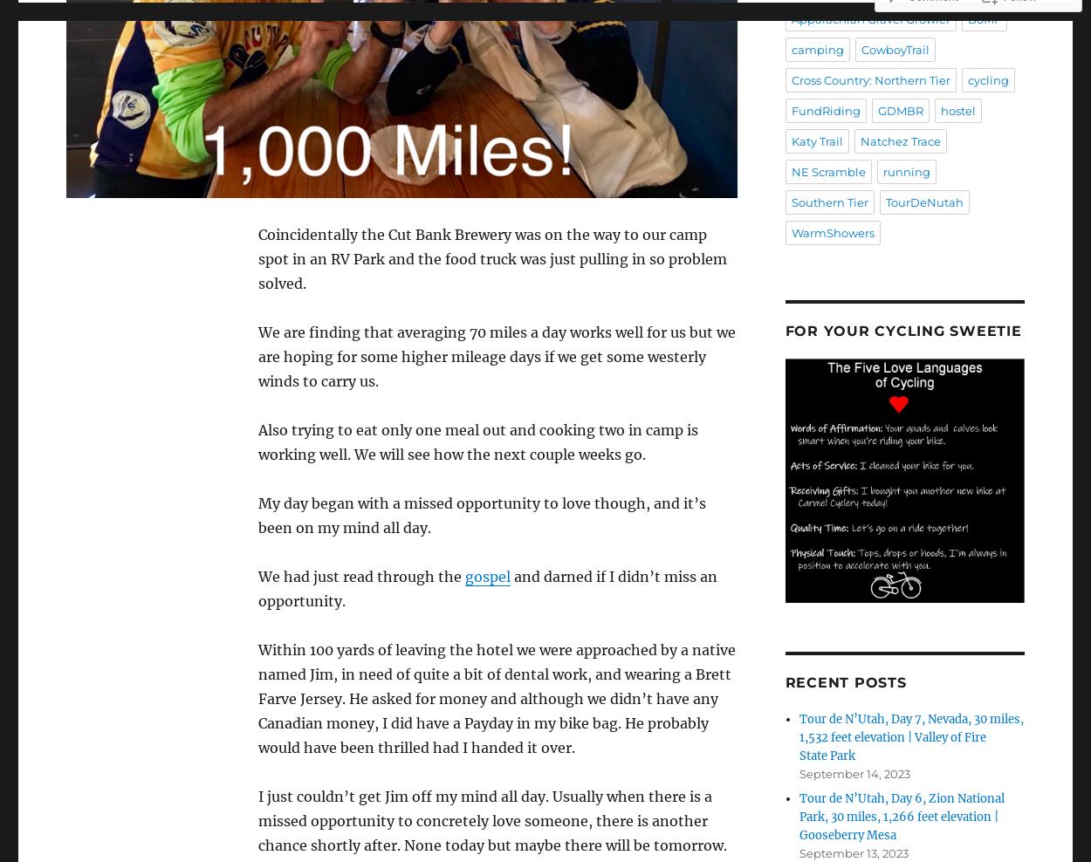 The width and height of the screenshot is (1091, 862). Describe the element at coordinates (491, 257) in the screenshot. I see `'Coincidentally the Cut Bank Brewery was on the way to our camp spot in an RV Park and the food truck was just pulling in so problem solved.'` at that location.